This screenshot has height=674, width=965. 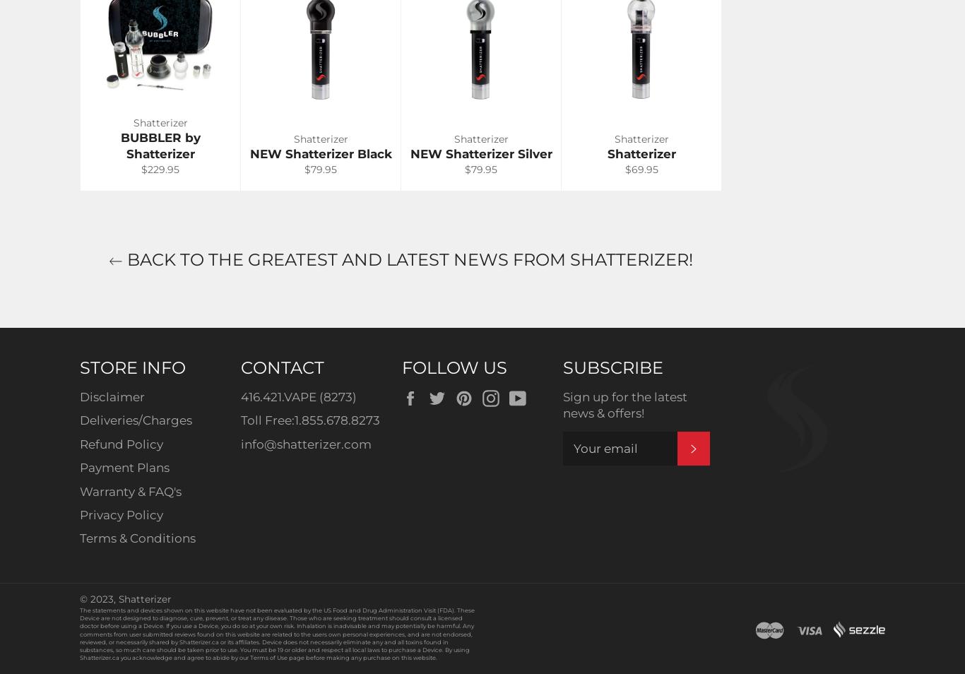 What do you see at coordinates (309, 420) in the screenshot?
I see `'Toll Free:1.855.678.8273'` at bounding box center [309, 420].